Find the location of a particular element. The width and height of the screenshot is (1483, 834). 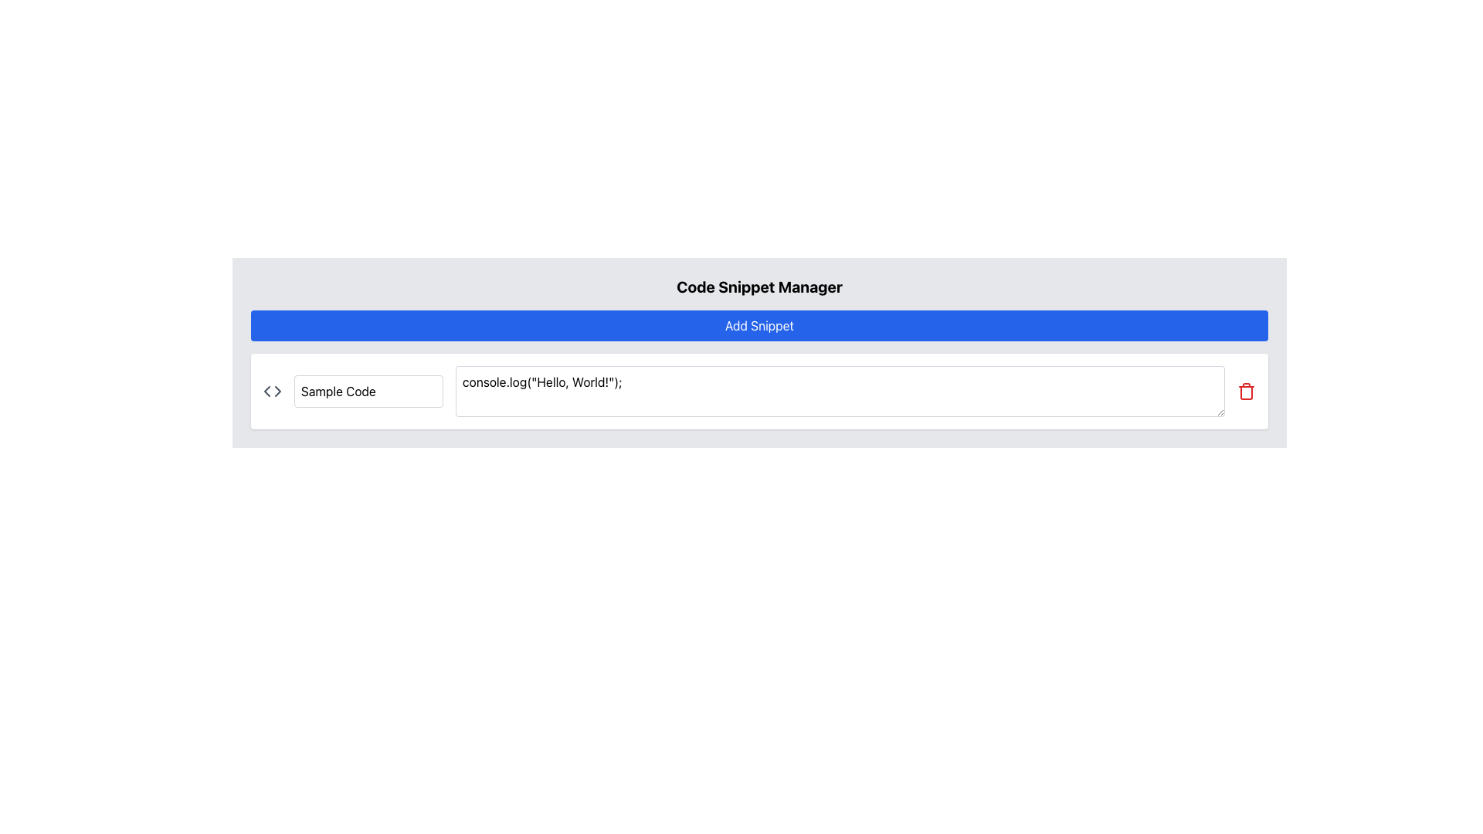

the small gray code bracket icon '<>' located to the left of the 'Sample Code' text field in the panel is located at coordinates (273, 390).